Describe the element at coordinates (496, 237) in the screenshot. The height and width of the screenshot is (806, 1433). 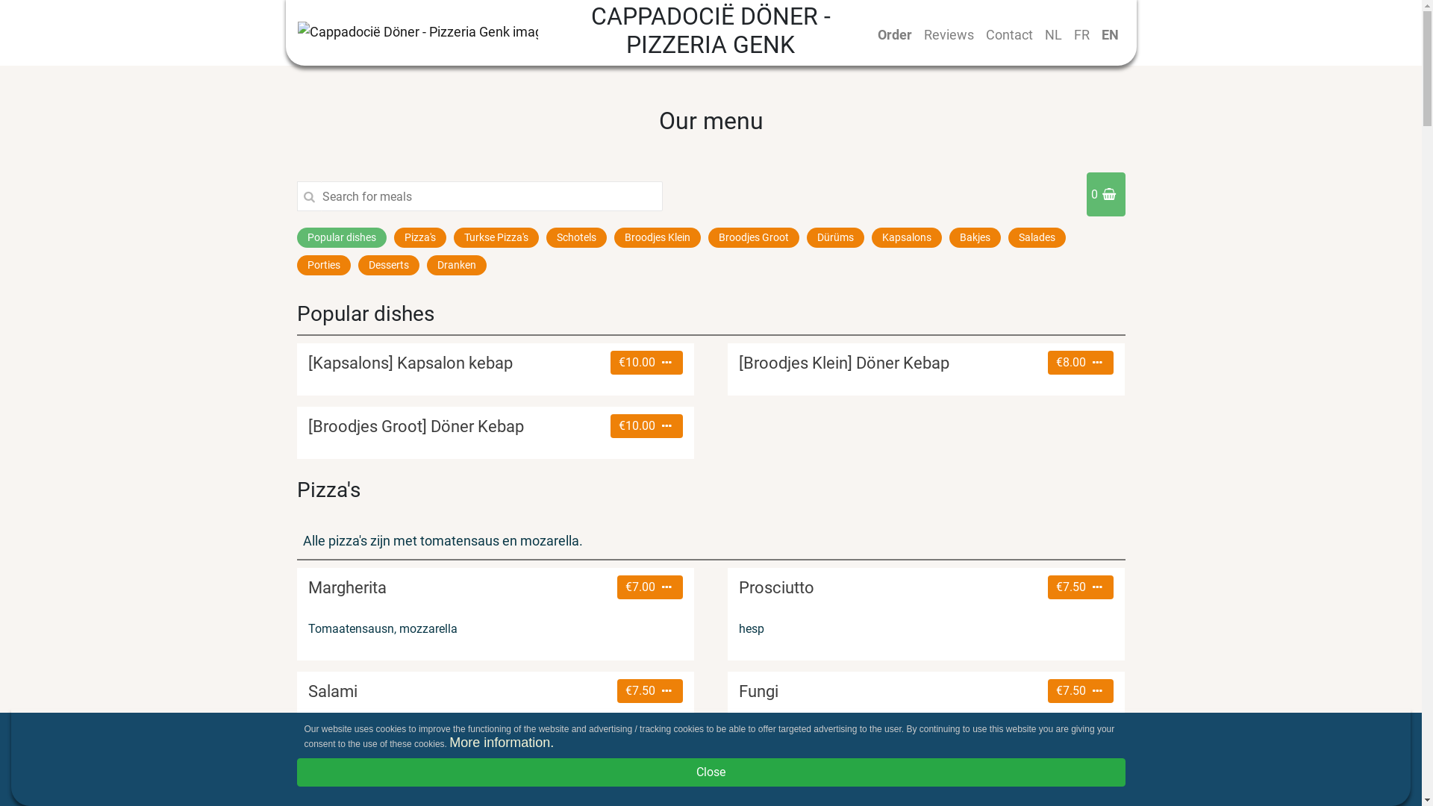
I see `'Turkse Pizza's'` at that location.